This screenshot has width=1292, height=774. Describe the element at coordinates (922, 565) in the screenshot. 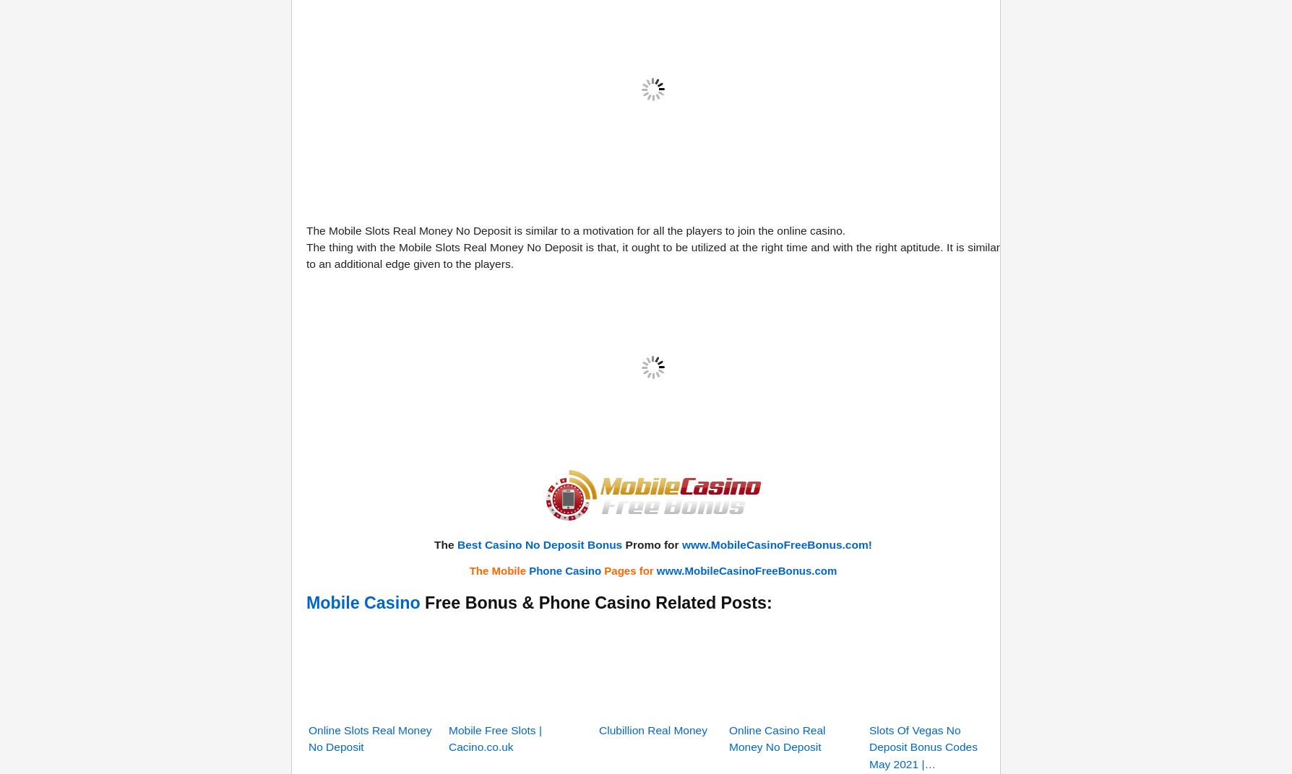

I see `'Slots Of Vegas No Deposit Bonus Codes May 2021 |…'` at that location.